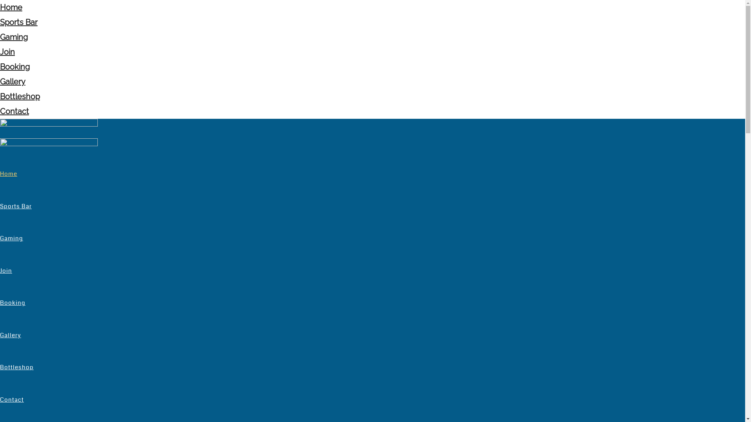 The image size is (751, 422). What do you see at coordinates (20, 96) in the screenshot?
I see `'Bottleshop'` at bounding box center [20, 96].